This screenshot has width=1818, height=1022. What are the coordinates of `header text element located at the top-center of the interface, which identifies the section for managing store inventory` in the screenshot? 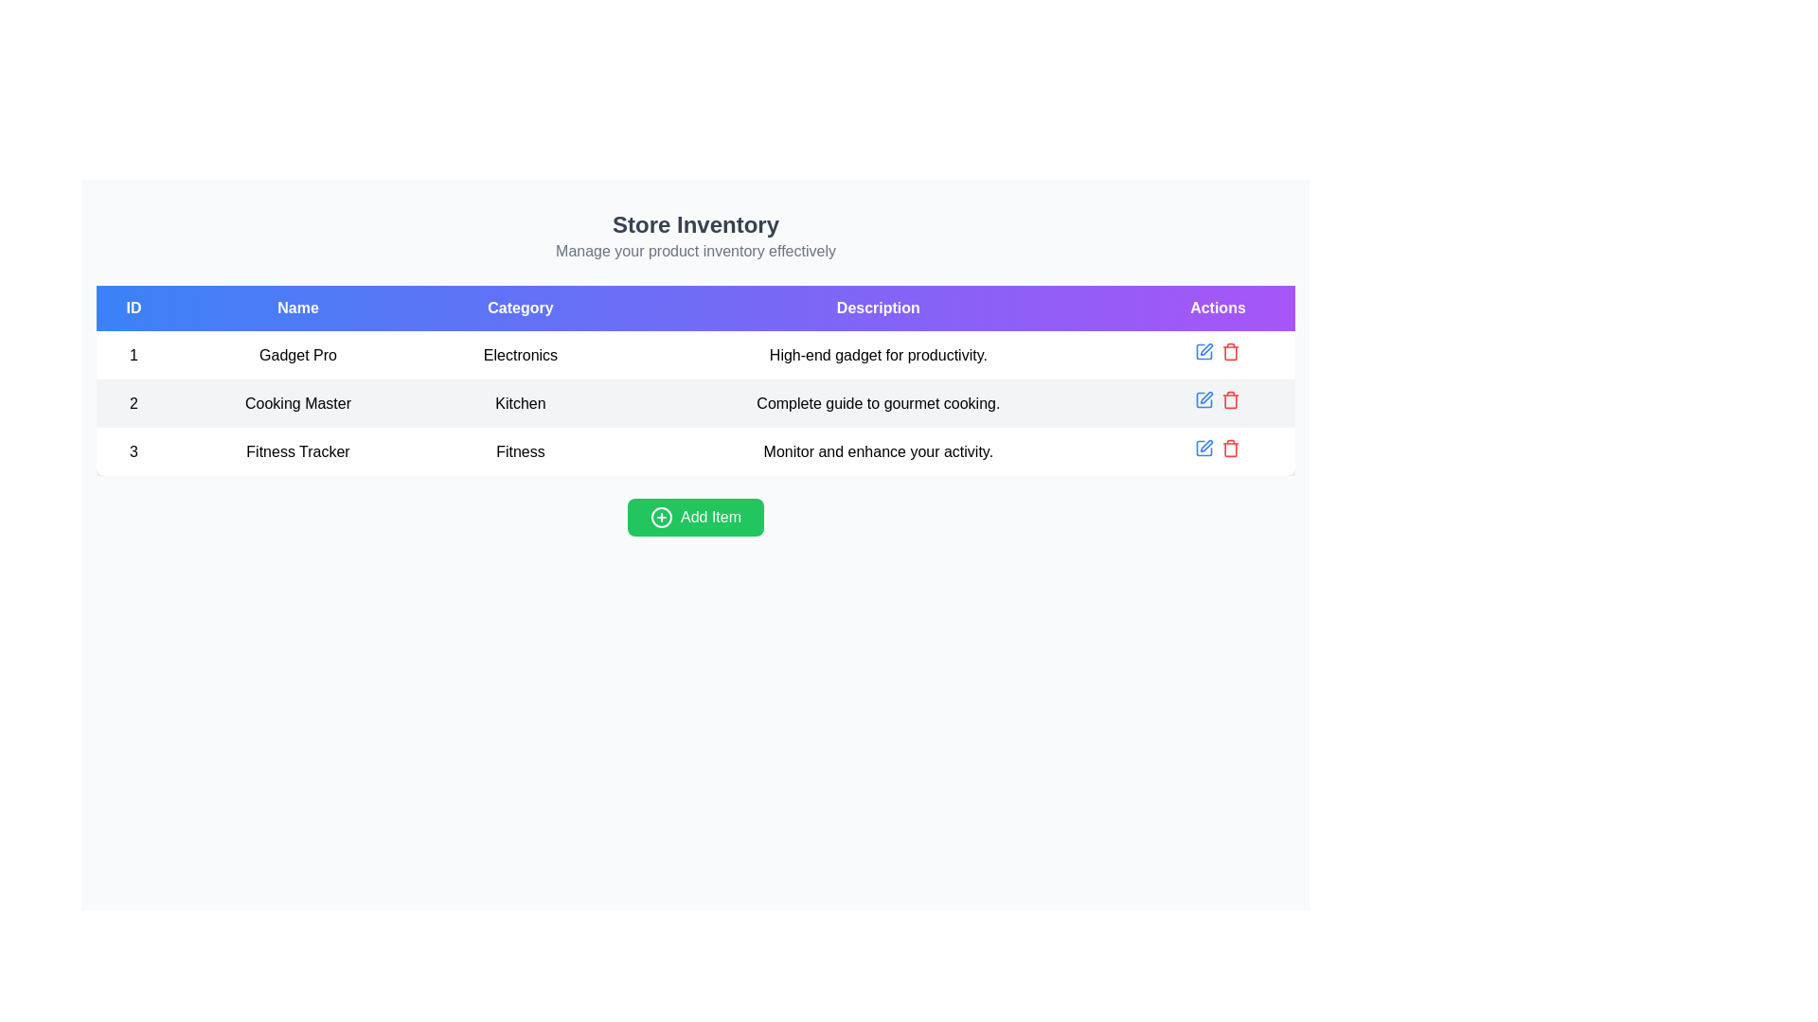 It's located at (694, 224).